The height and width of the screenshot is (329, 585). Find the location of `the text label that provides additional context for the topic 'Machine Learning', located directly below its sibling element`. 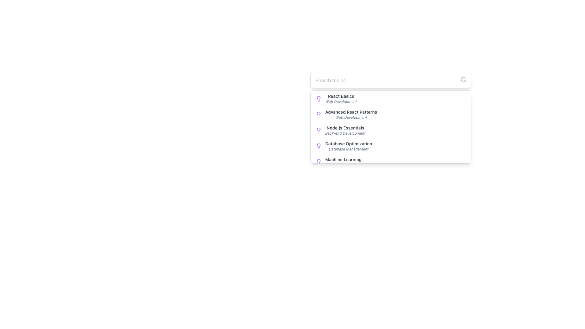

the text label that provides additional context for the topic 'Machine Learning', located directly below its sibling element is located at coordinates (343, 165).